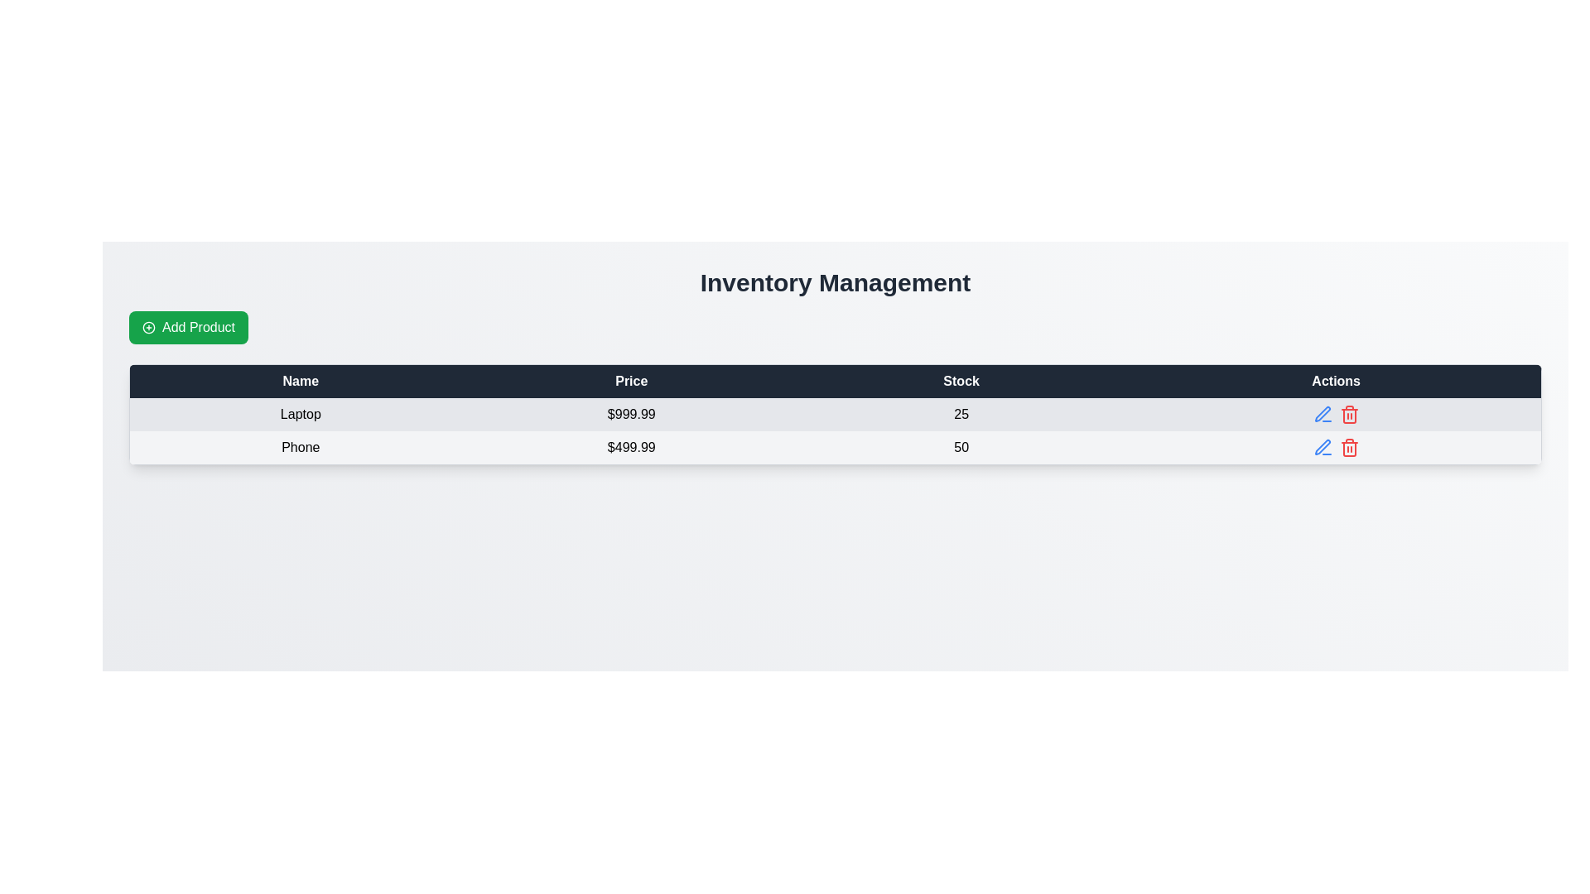 The image size is (1590, 894). I want to click on label text of the 'Price' column header in the table, which is the second cell in the header row between the 'Name' and 'Stock' cells, so click(630, 381).